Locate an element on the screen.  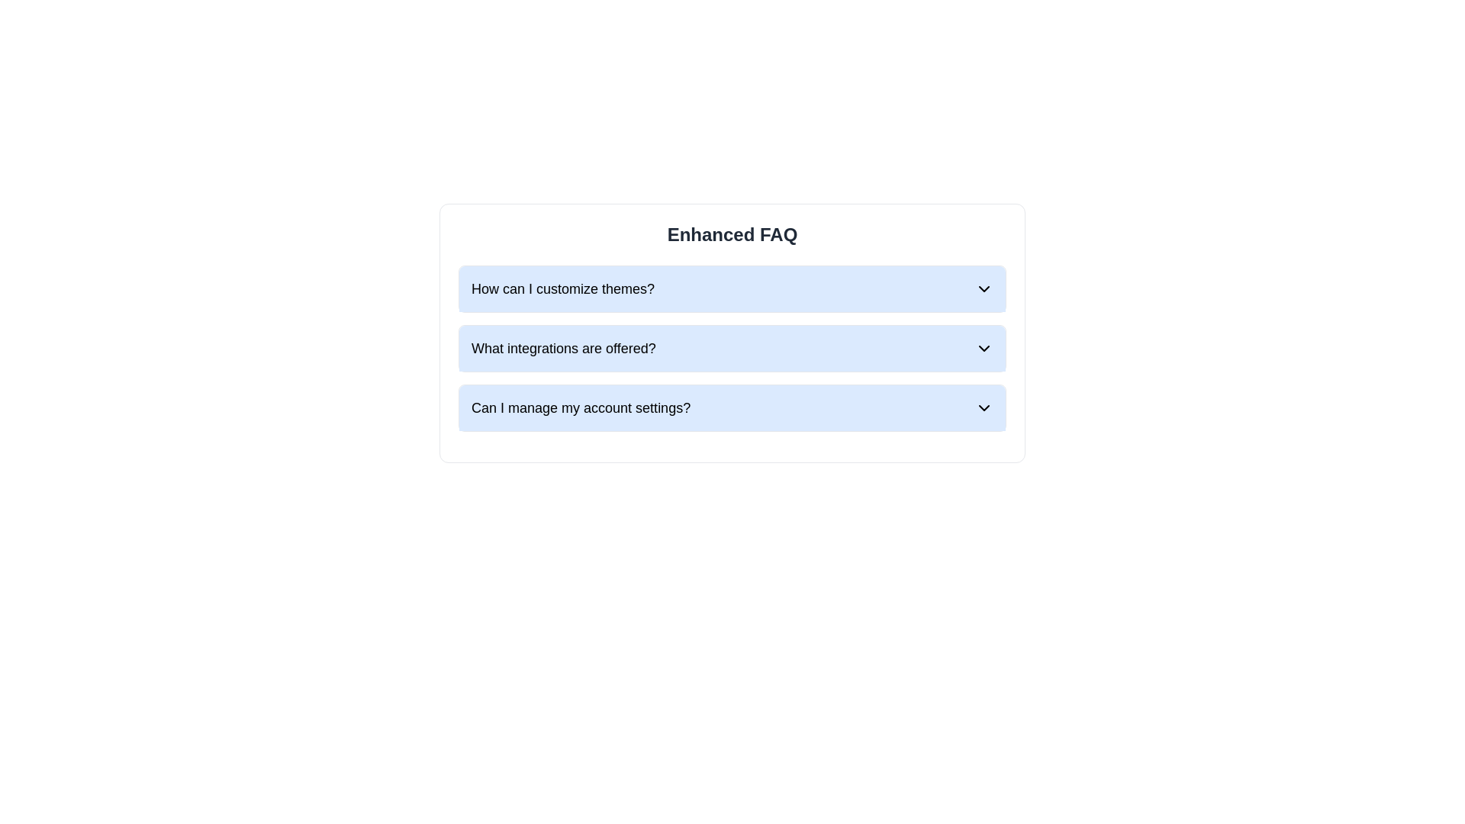
the chevron icon located at the top-right corner of the FAQ section next to the text 'Can I manage my account settings?' is located at coordinates (984, 407).